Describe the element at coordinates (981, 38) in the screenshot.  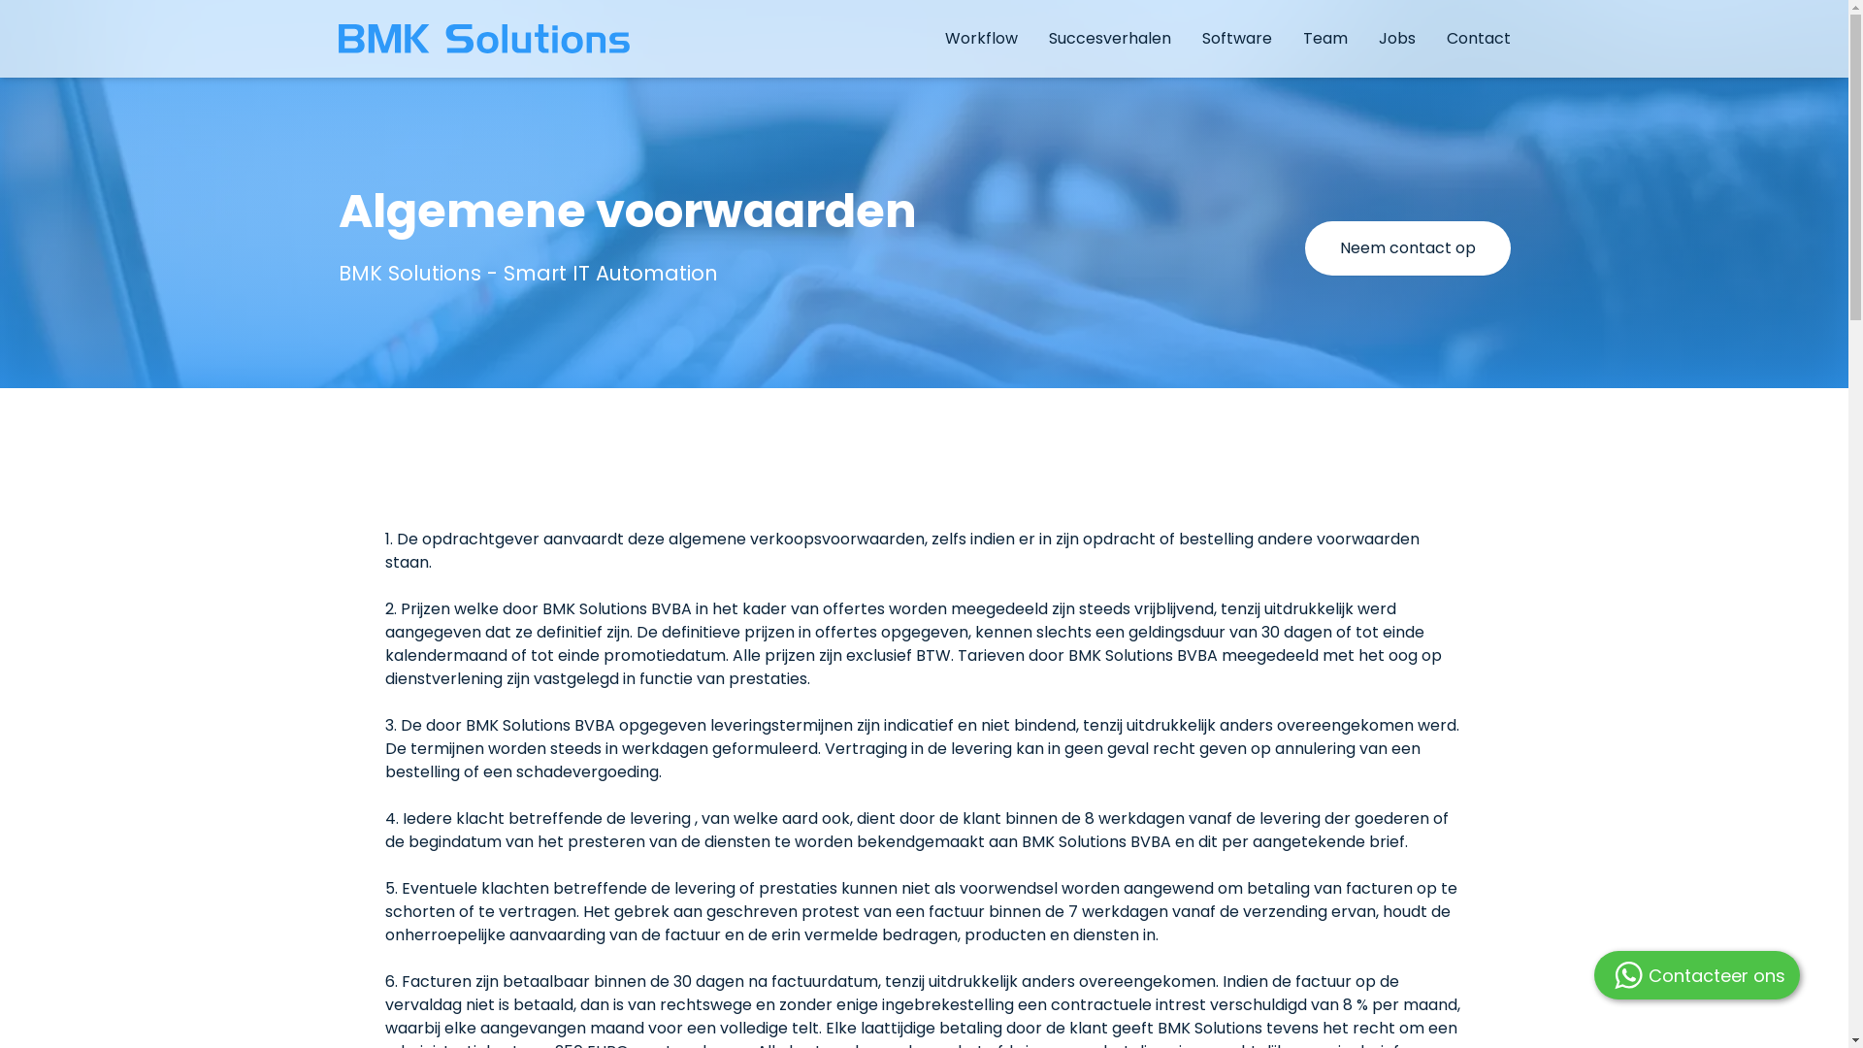
I see `'Workflow'` at that location.